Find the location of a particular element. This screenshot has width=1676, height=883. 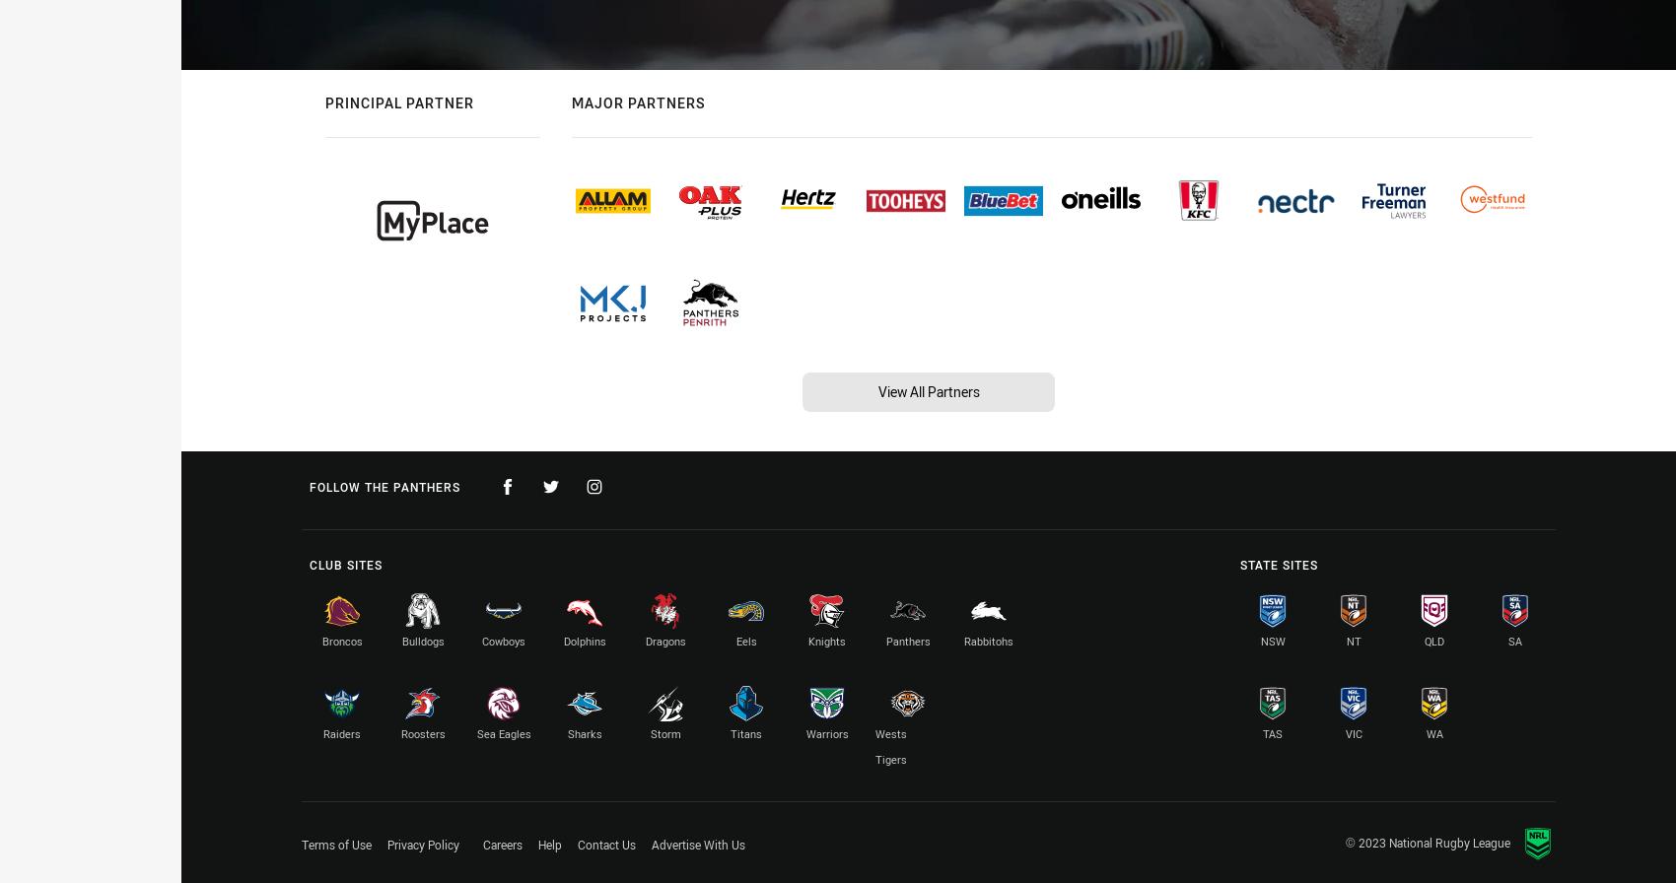

'Follow the Panthers' is located at coordinates (384, 485).